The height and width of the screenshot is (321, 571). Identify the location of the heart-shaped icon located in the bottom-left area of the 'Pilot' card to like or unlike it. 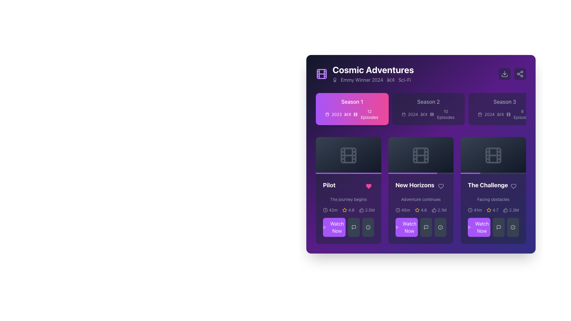
(368, 186).